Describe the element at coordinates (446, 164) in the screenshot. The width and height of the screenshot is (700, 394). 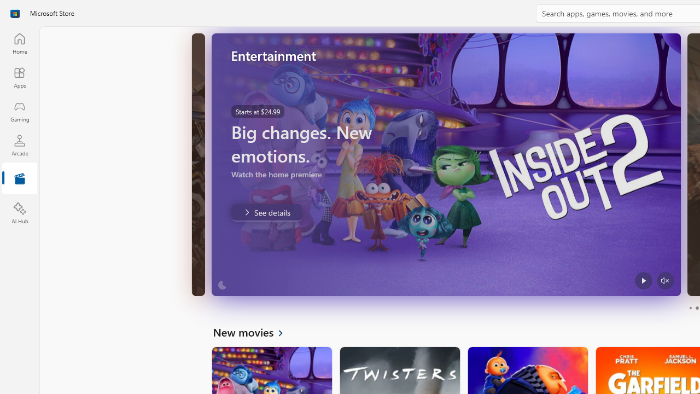
I see `'AutomationID: Image'` at that location.